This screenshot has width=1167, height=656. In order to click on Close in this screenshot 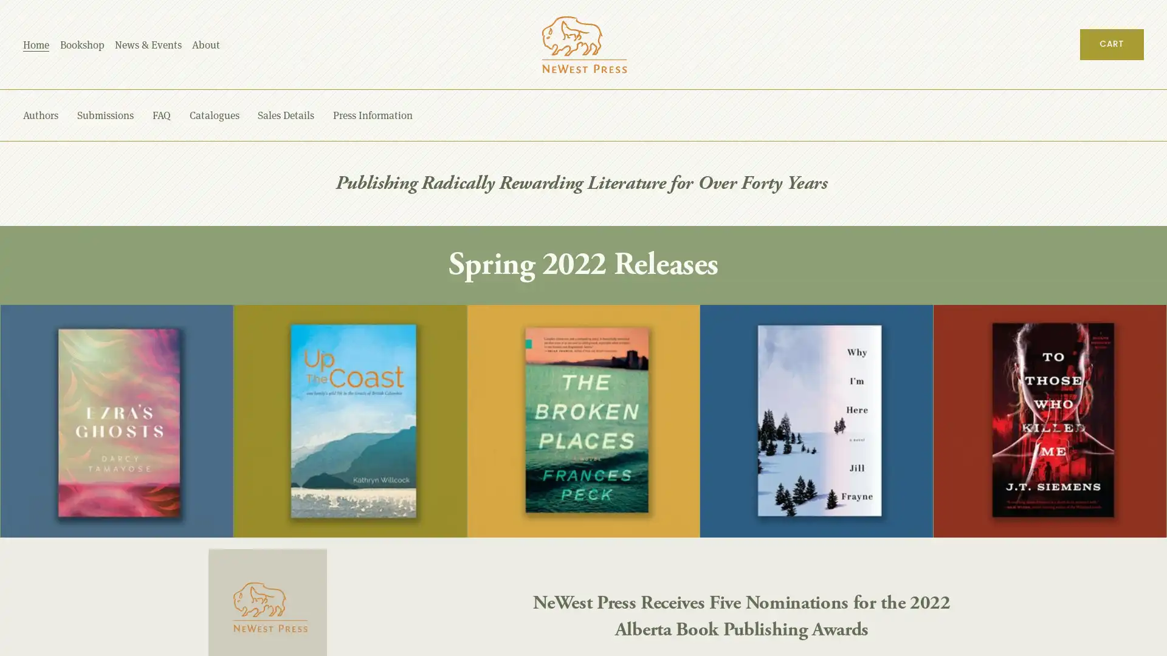, I will do `click(1105, 333)`.